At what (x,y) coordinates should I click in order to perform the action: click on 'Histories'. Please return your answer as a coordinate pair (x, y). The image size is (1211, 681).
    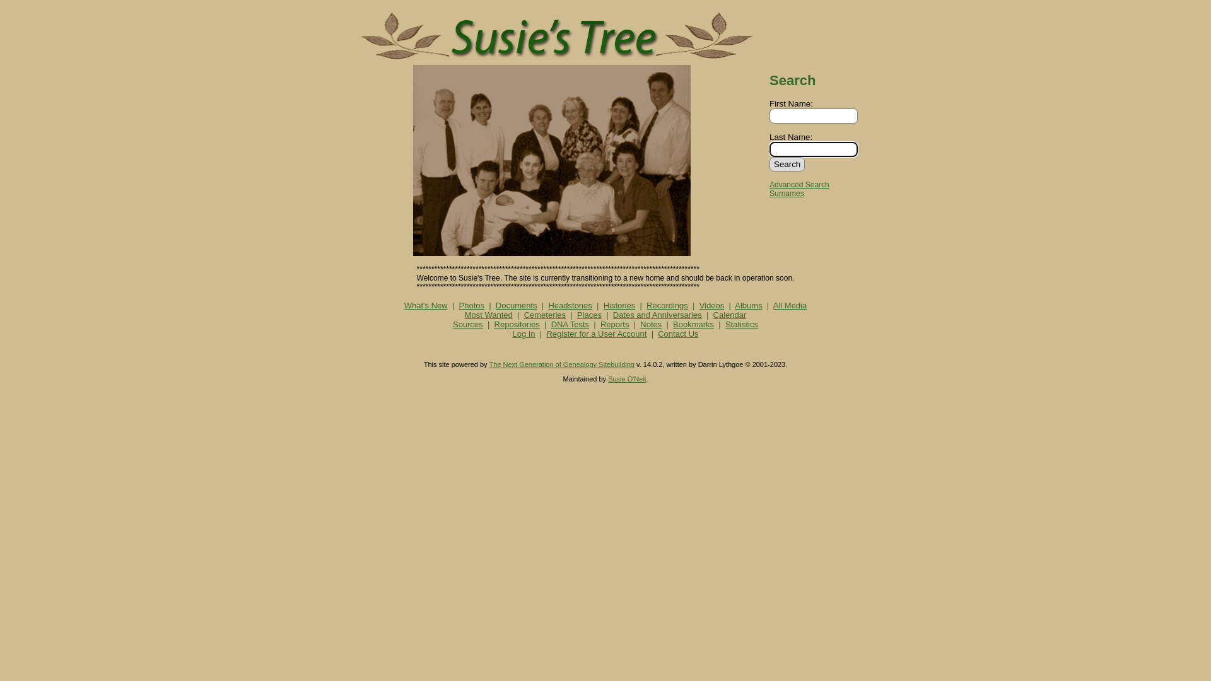
    Looking at the image, I should click on (619, 305).